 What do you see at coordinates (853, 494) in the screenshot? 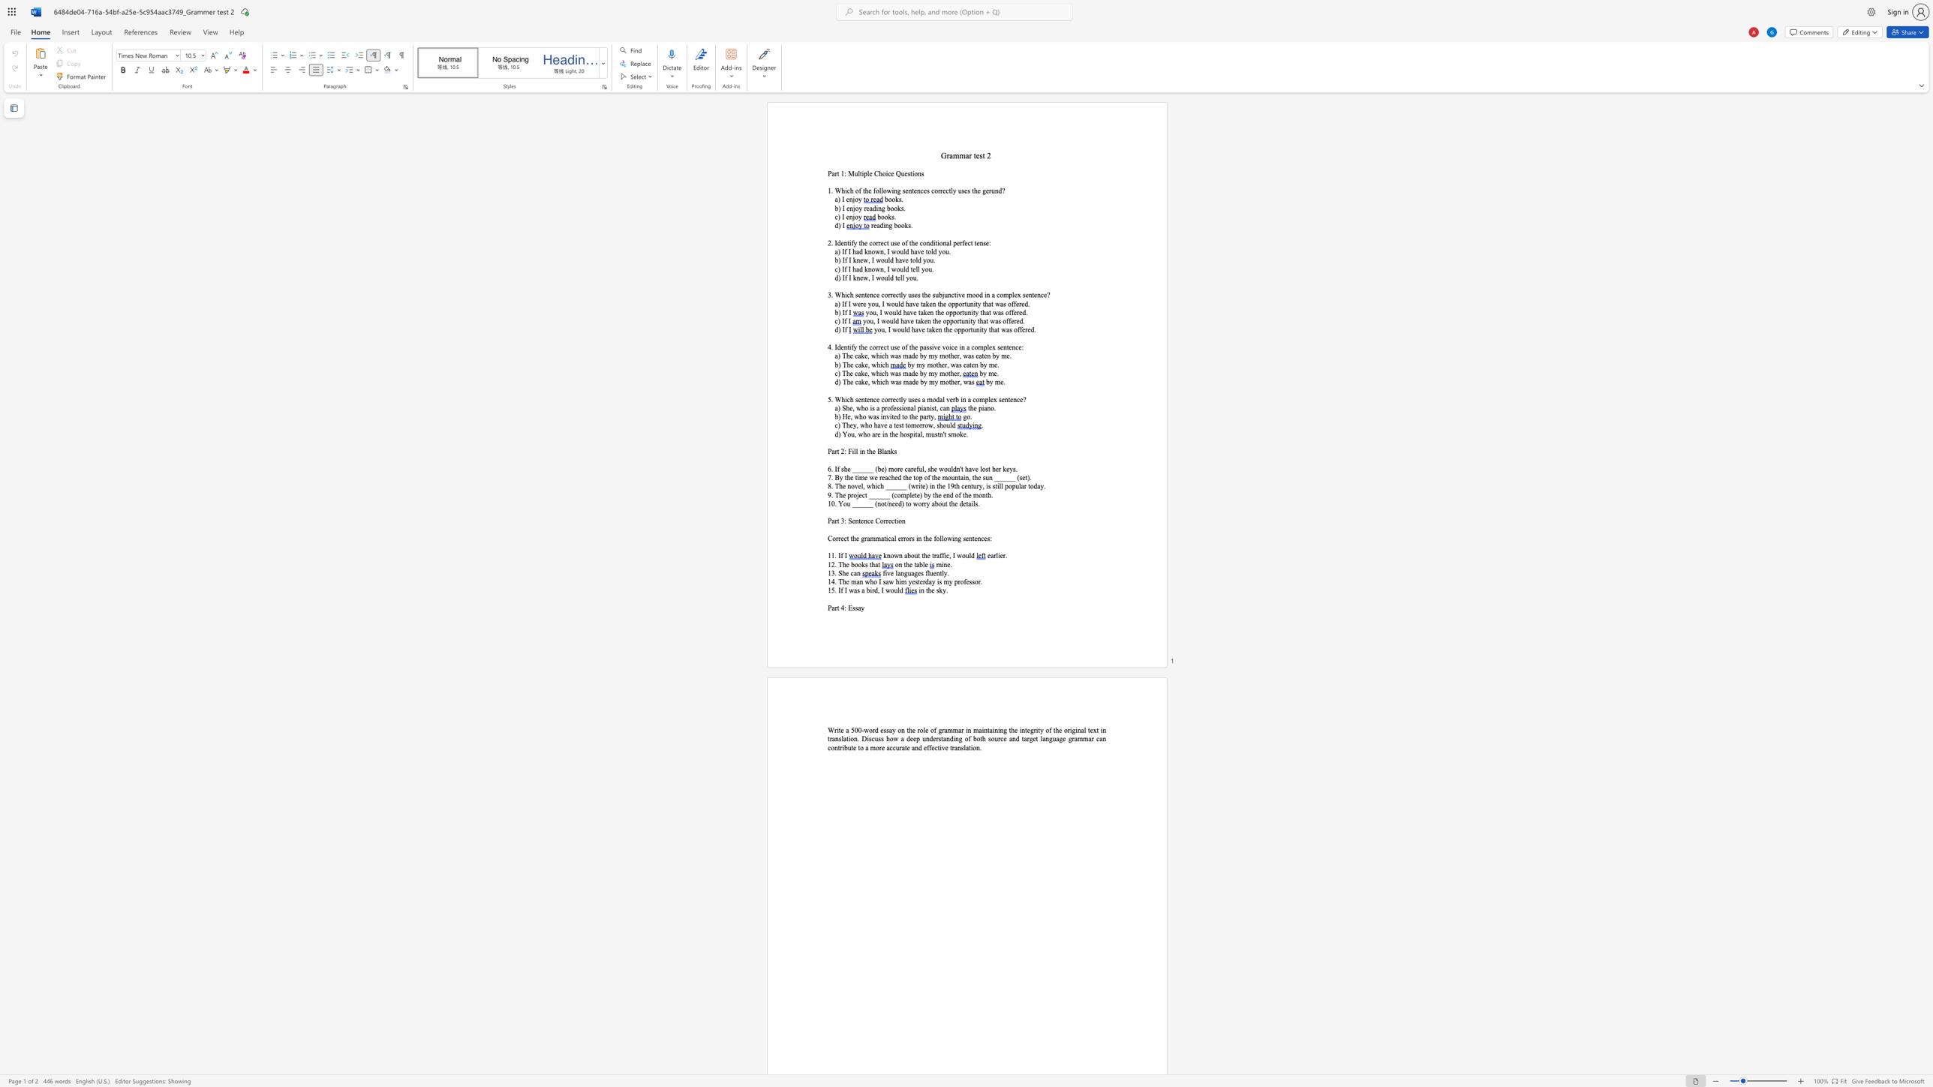
I see `the space between the continuous character "r" and "o" in the text` at bounding box center [853, 494].